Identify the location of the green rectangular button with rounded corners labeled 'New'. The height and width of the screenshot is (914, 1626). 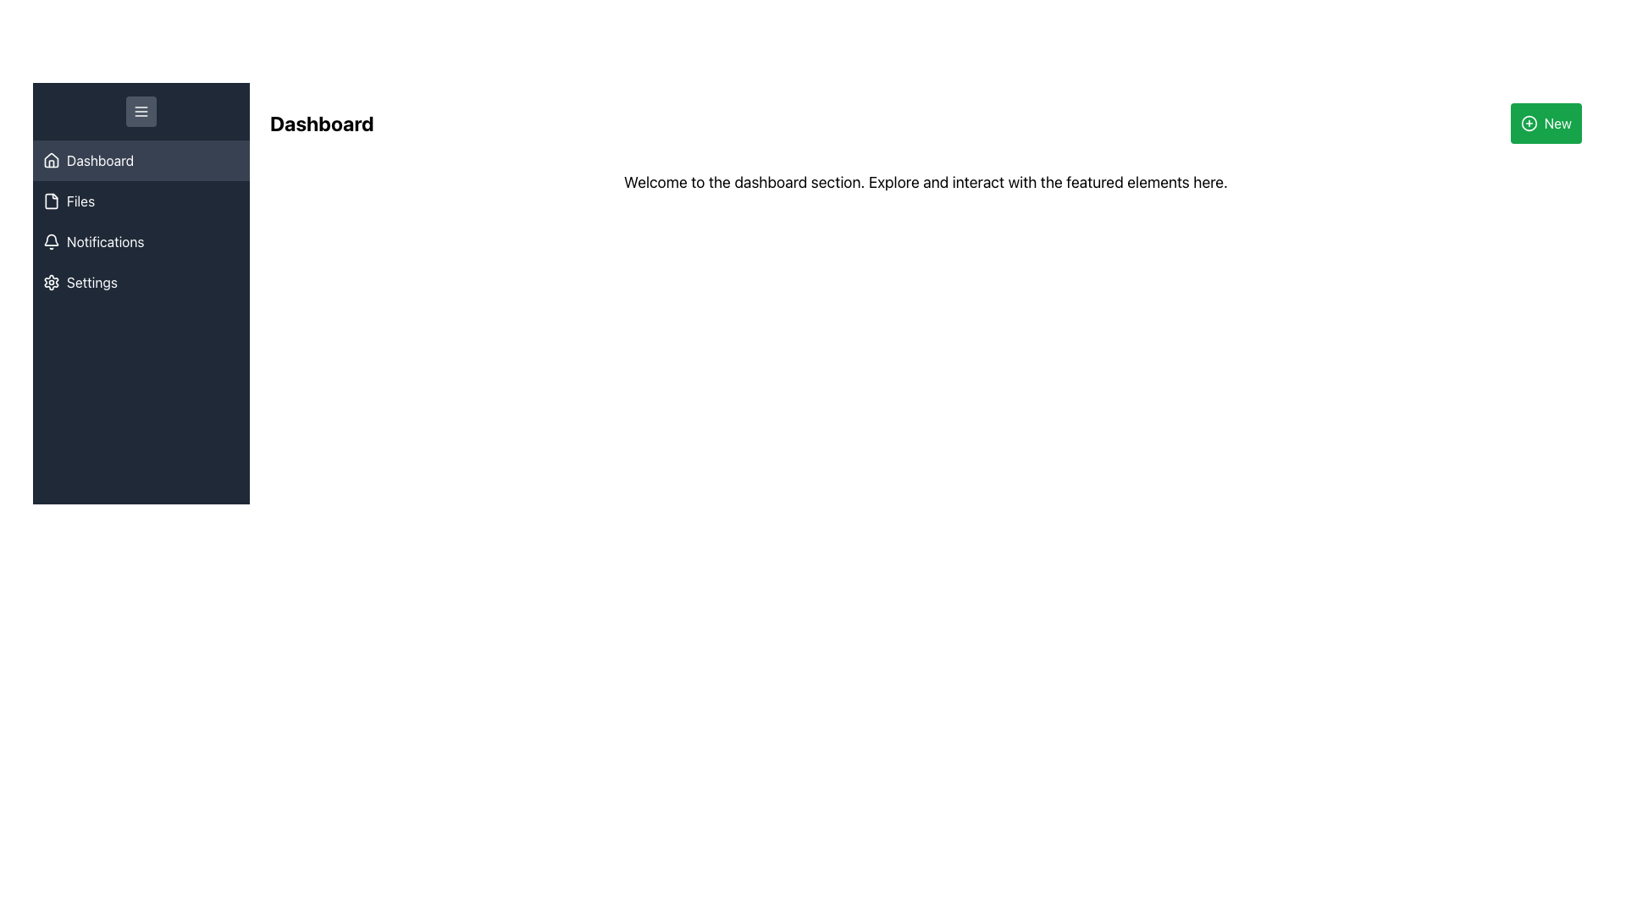
(1546, 123).